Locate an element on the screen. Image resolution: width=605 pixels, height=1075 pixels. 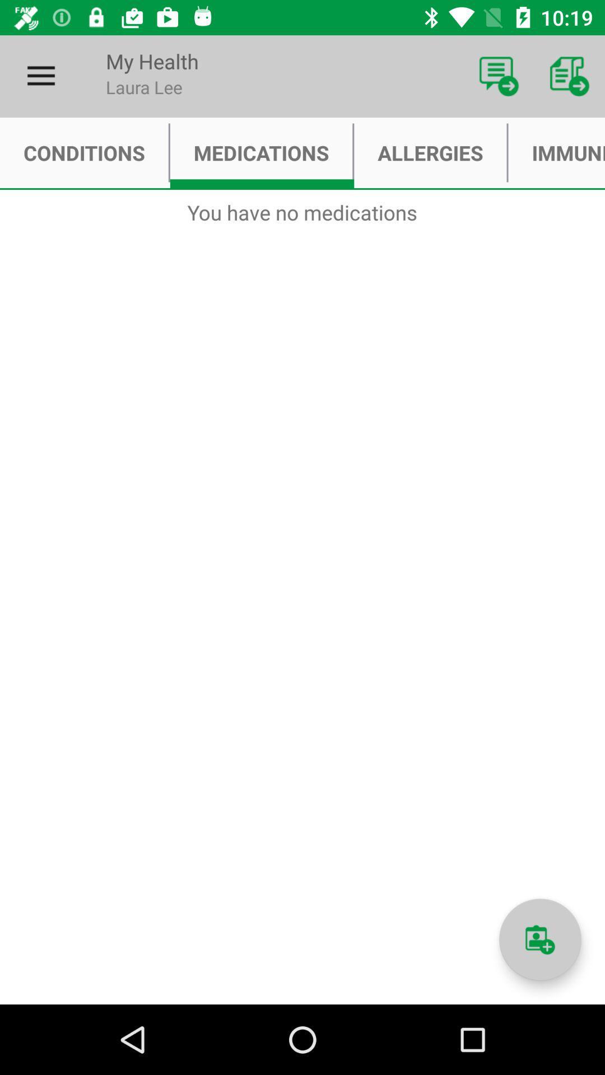
item above conditions item is located at coordinates (40, 76).